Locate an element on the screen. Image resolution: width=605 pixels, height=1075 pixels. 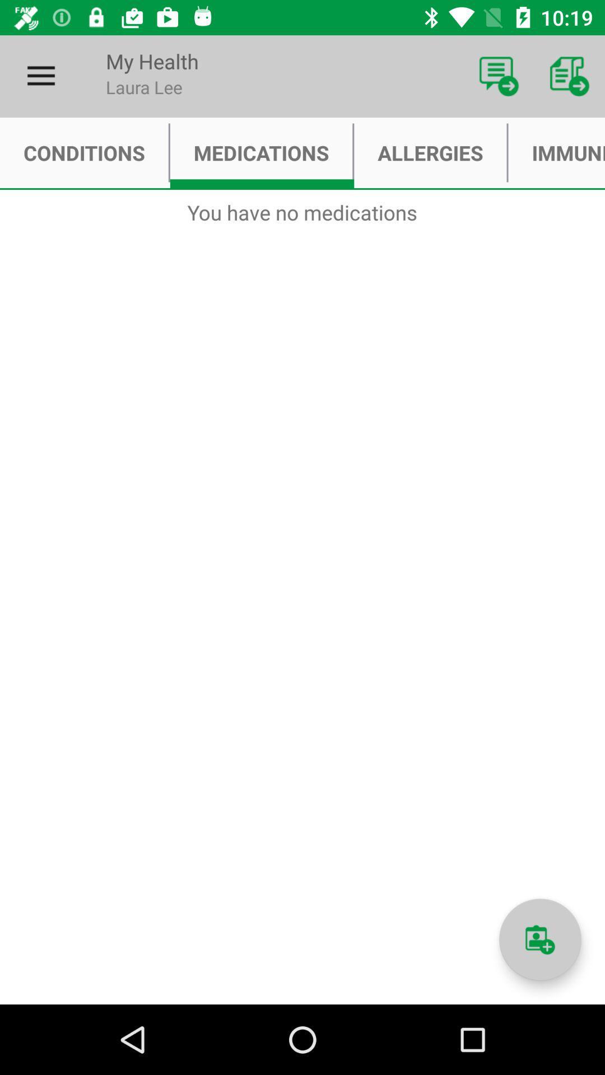
item above conditions item is located at coordinates (40, 76).